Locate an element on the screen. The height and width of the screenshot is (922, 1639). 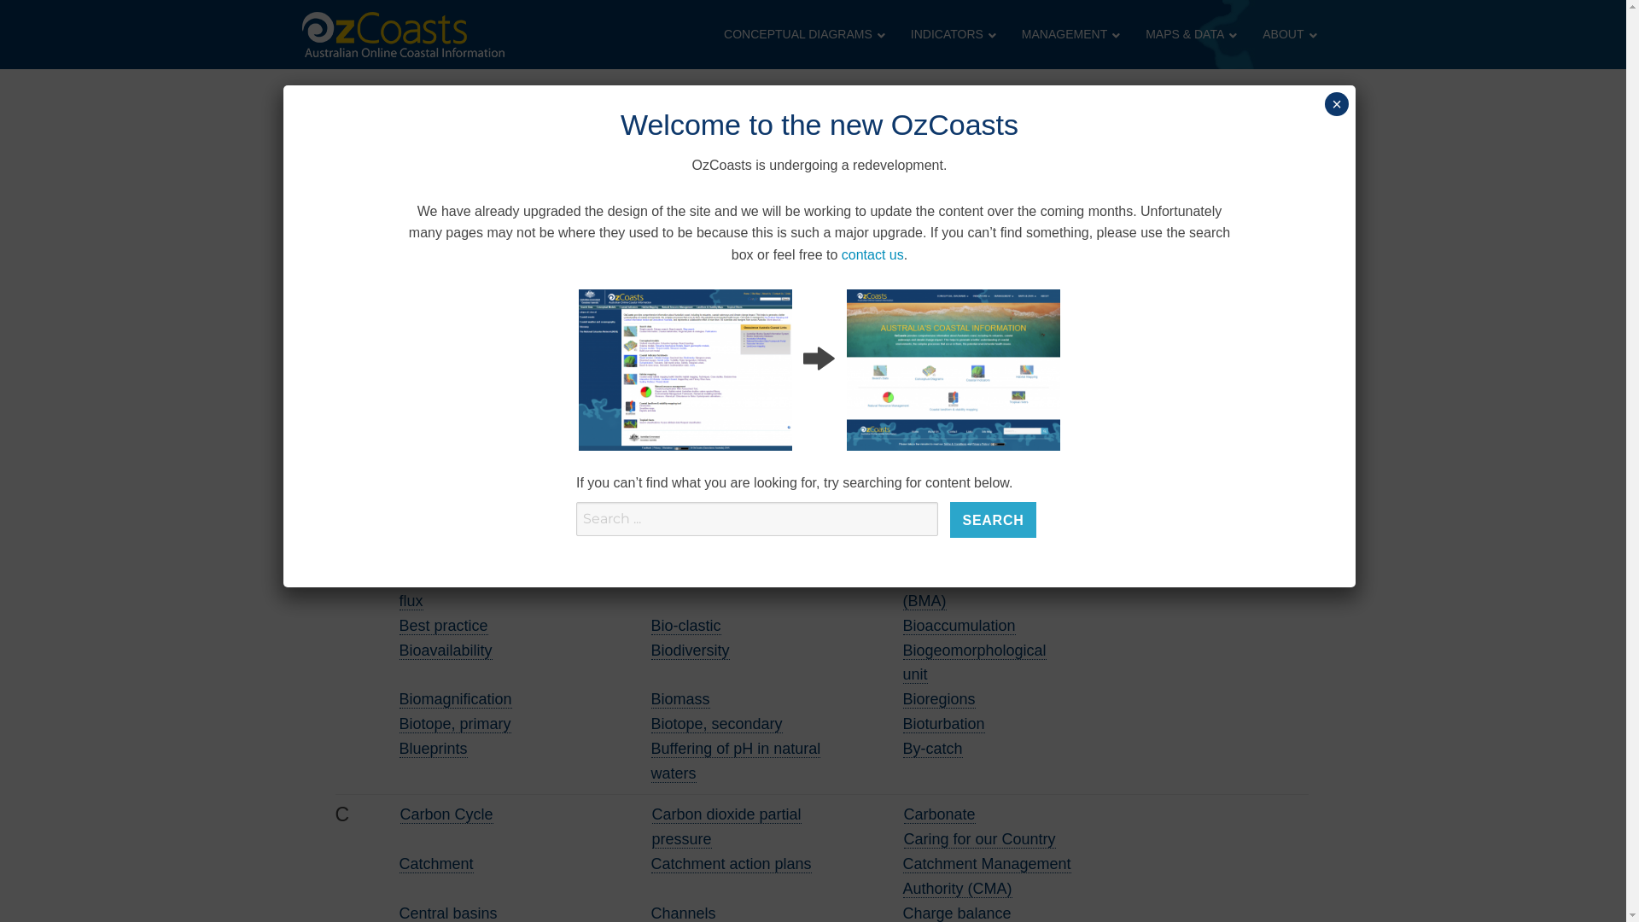
'Carbon dioxide partial pressure' is located at coordinates (650, 826).